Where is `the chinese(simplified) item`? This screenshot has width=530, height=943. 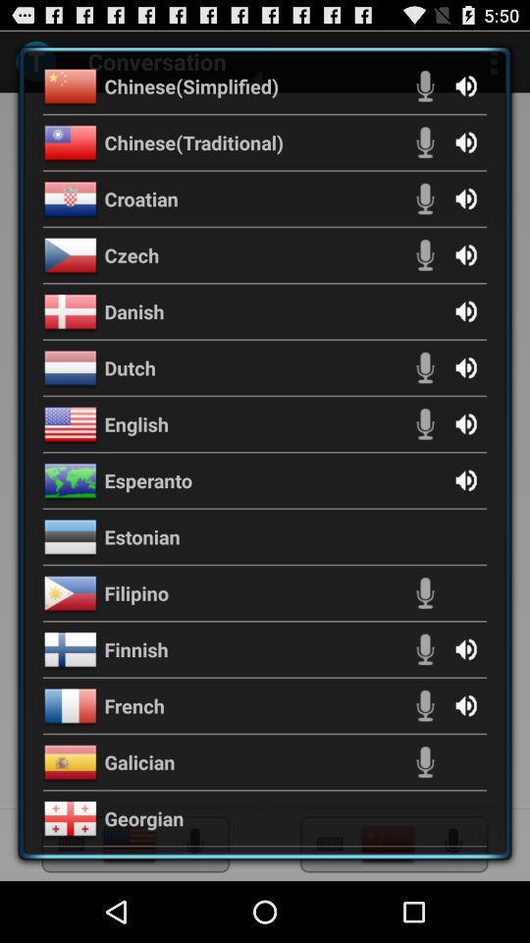 the chinese(simplified) item is located at coordinates (191, 85).